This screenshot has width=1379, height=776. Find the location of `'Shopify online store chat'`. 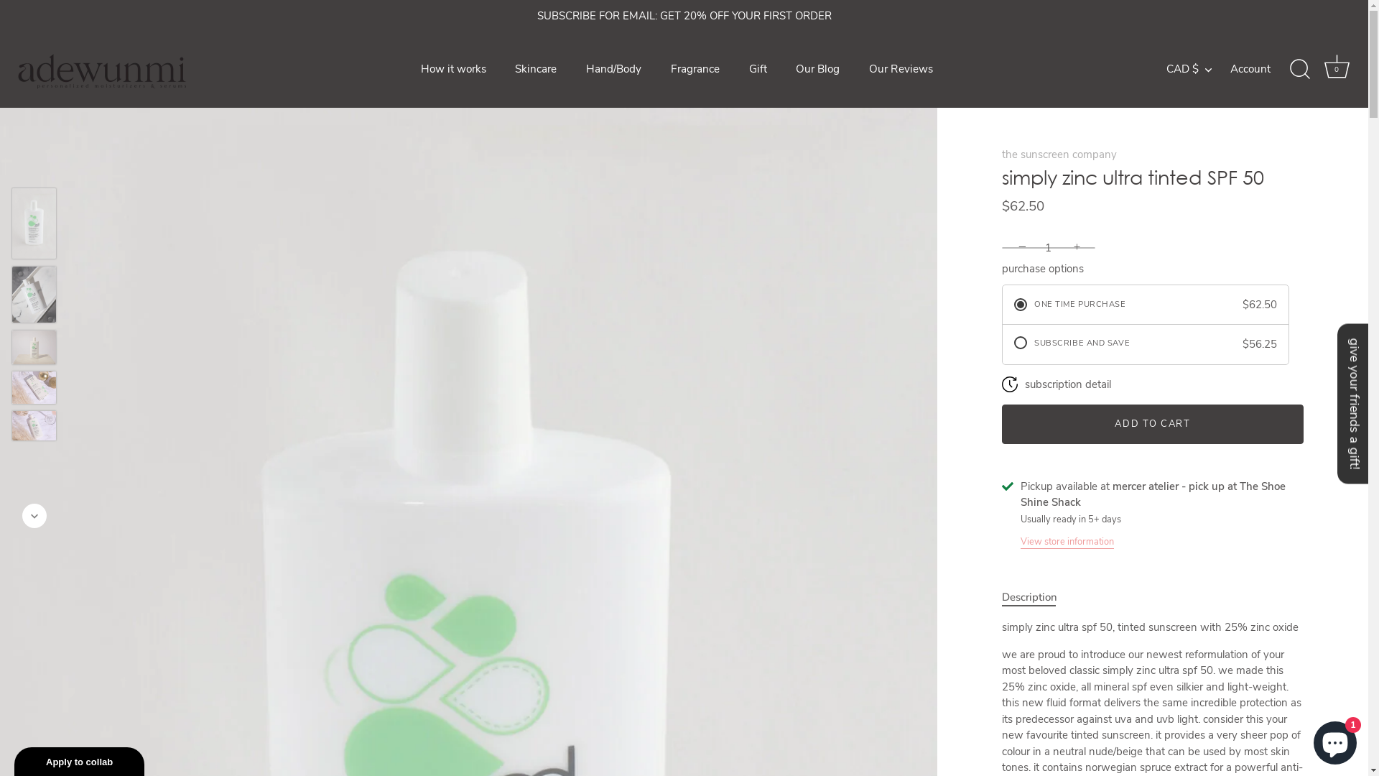

'Shopify online store chat' is located at coordinates (1334, 739).